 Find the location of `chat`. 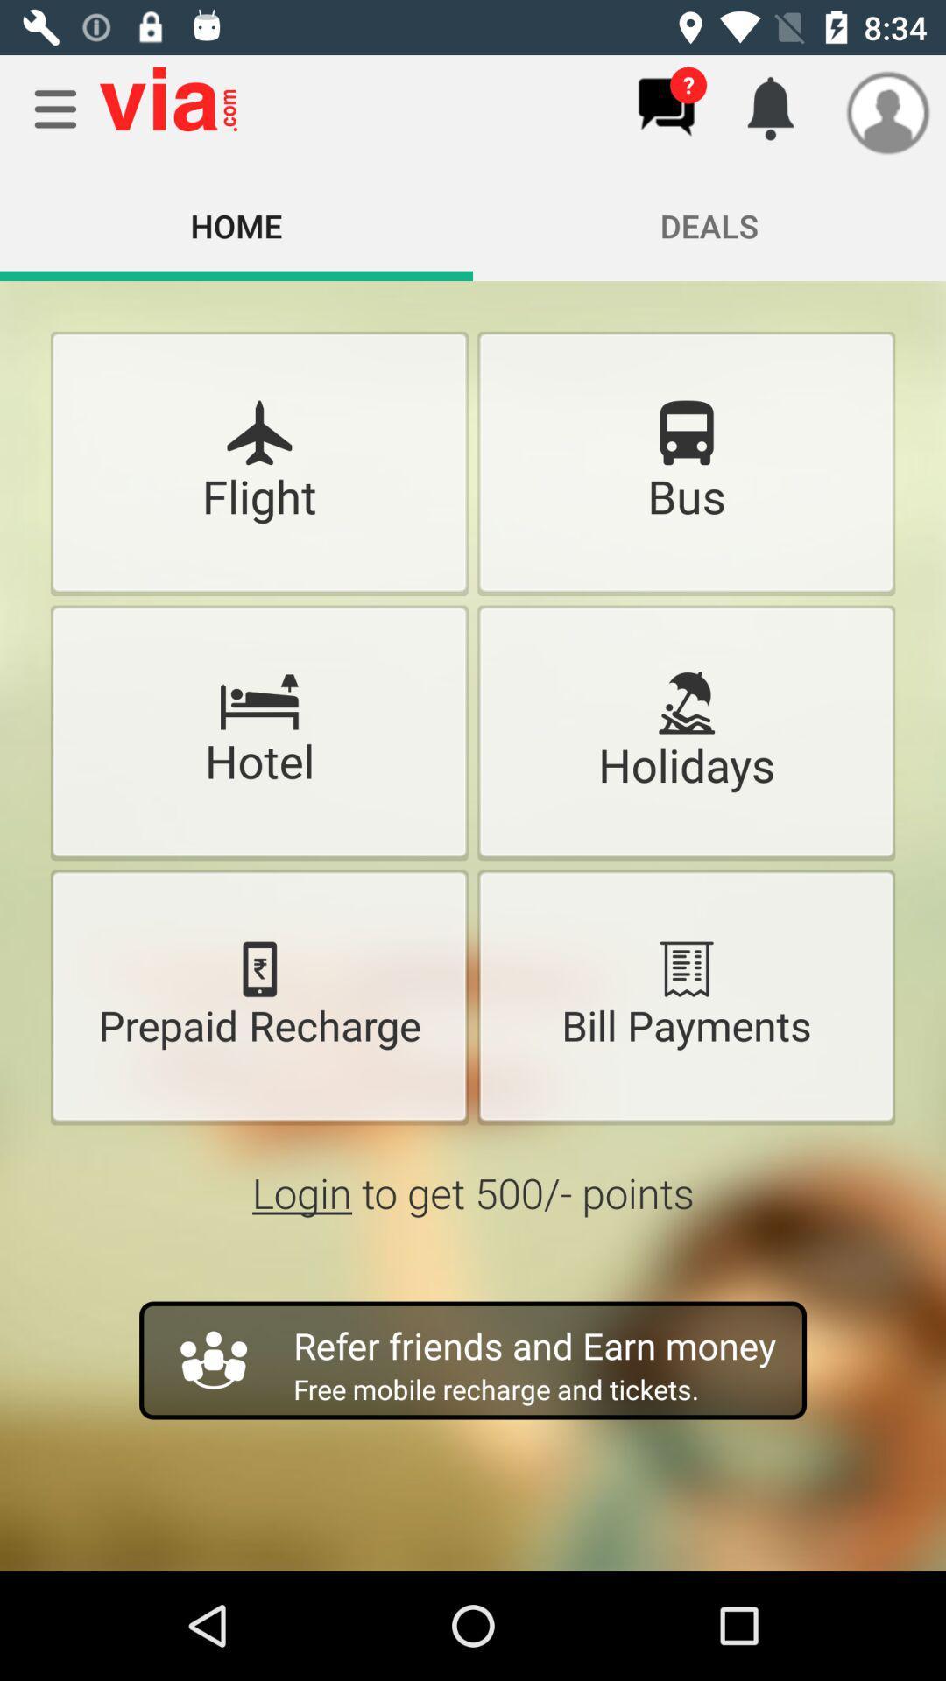

chat is located at coordinates (666, 106).